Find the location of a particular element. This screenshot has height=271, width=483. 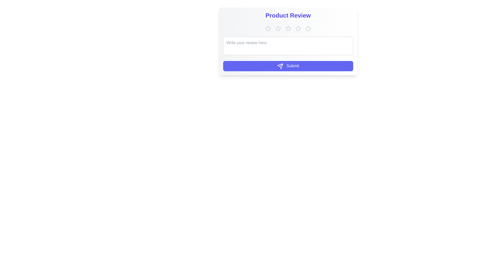

the product rating to 3 stars by clicking on the respective star is located at coordinates (288, 29).